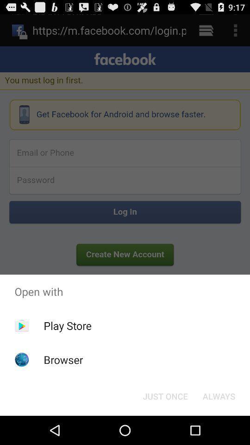 The width and height of the screenshot is (250, 445). What do you see at coordinates (165, 395) in the screenshot?
I see `just once button` at bounding box center [165, 395].